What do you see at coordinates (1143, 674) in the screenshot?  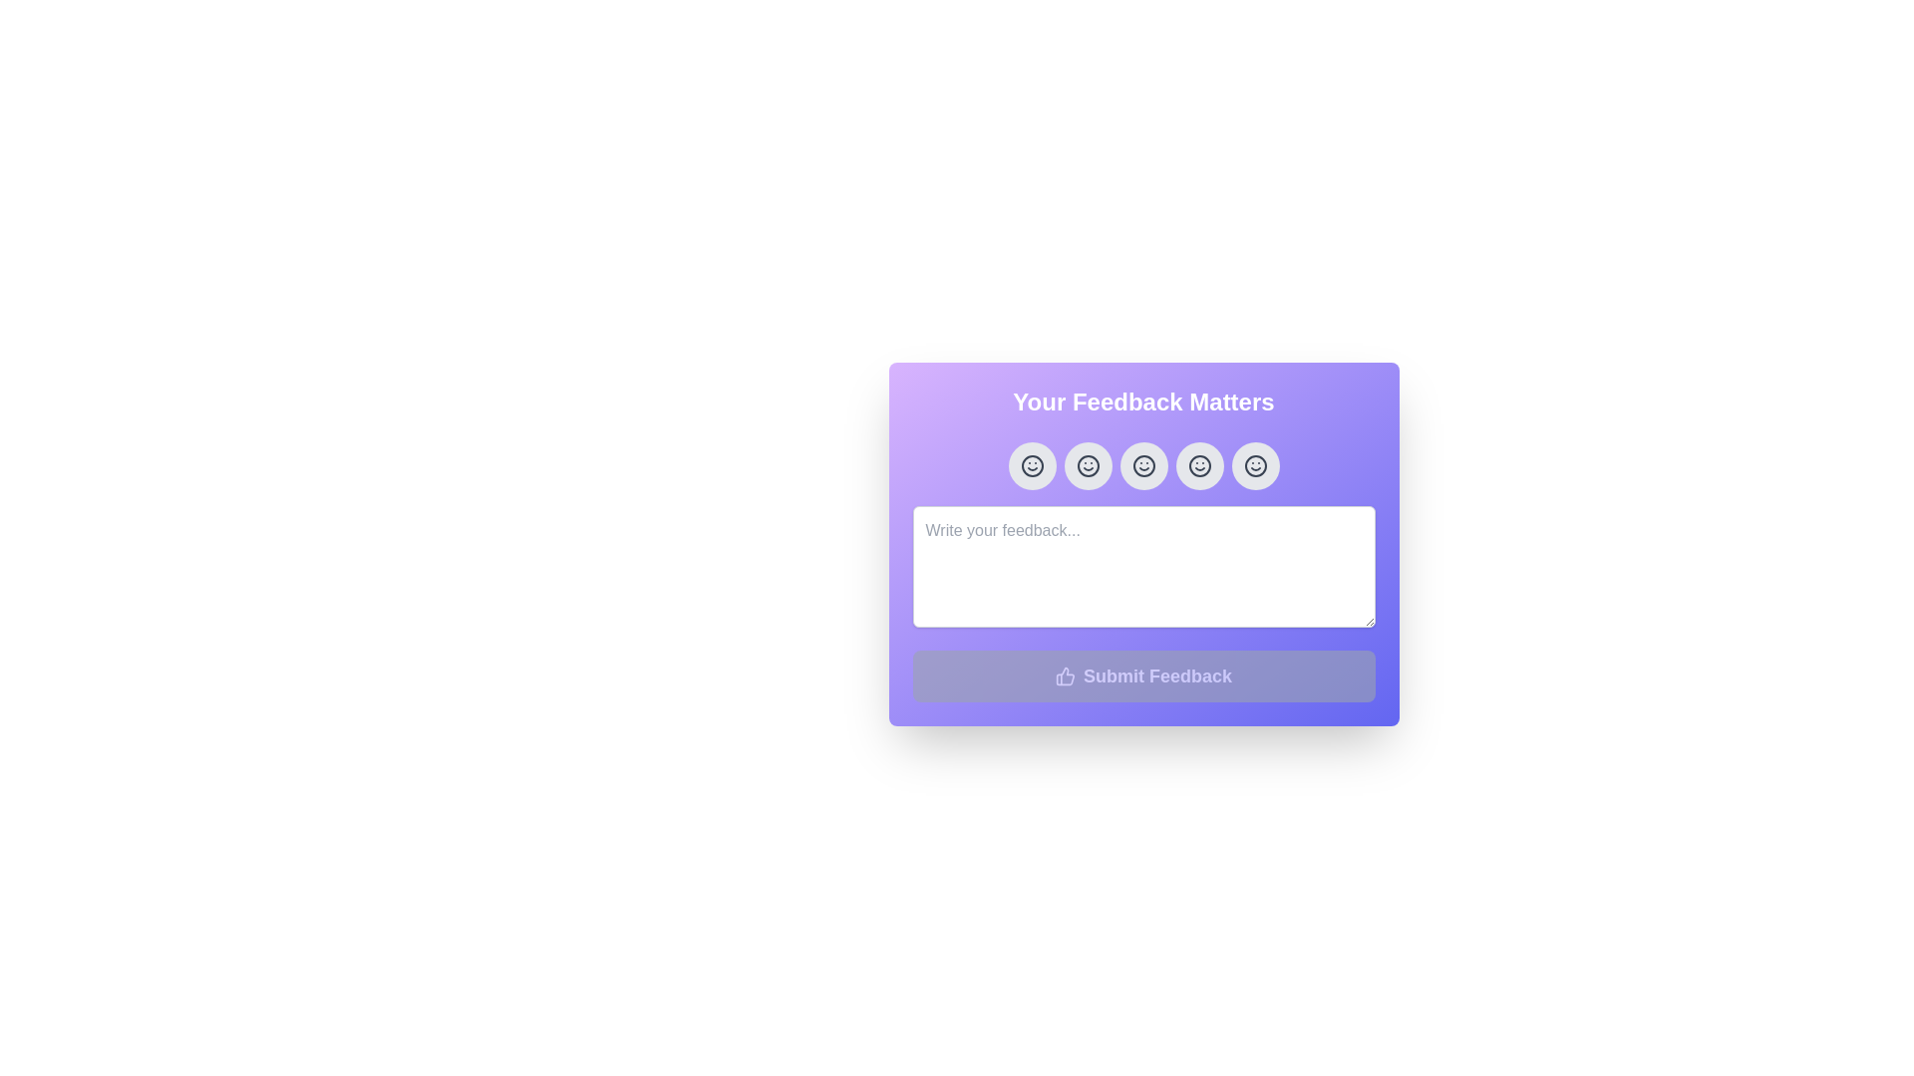 I see `the 'Submit Feedback' button located at the bottom of the 'Your Feedback Matters' panel` at bounding box center [1143, 674].